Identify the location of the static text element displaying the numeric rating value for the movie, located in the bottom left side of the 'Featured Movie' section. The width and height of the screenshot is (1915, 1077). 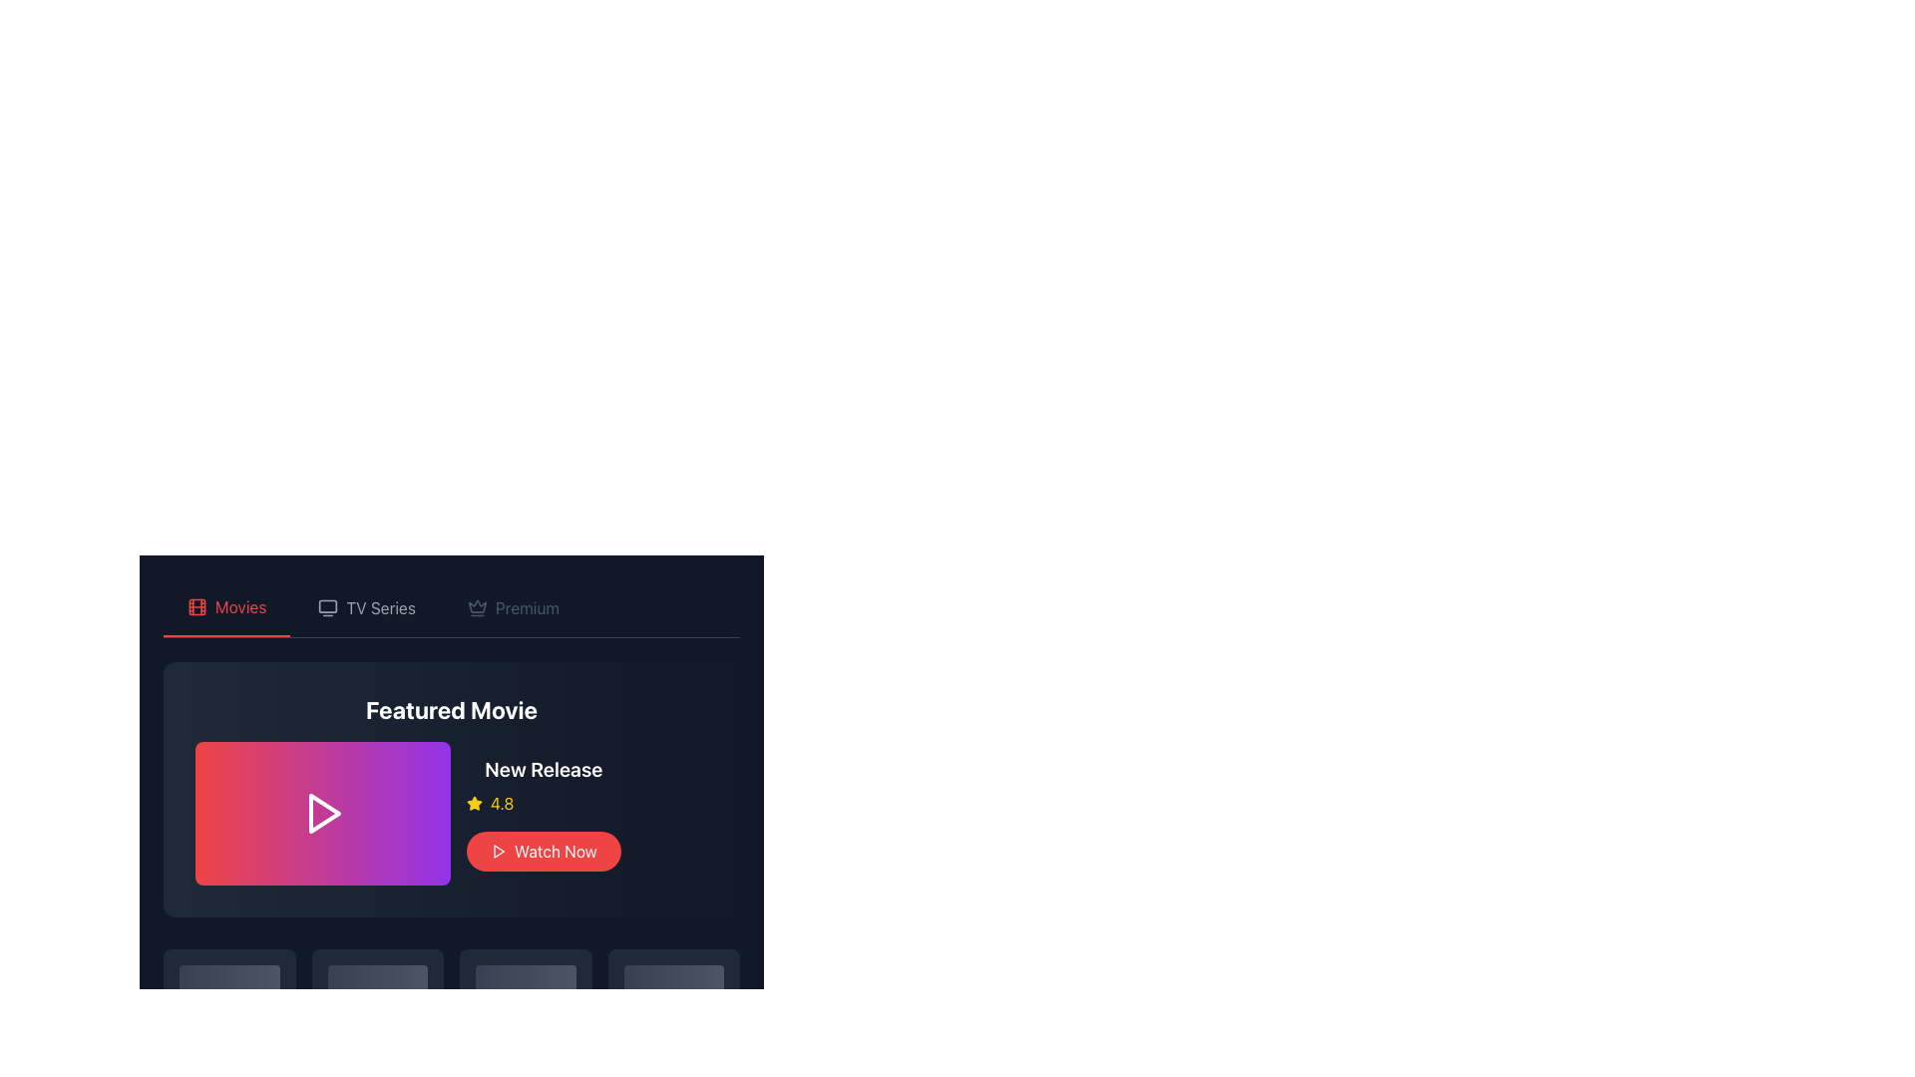
(502, 803).